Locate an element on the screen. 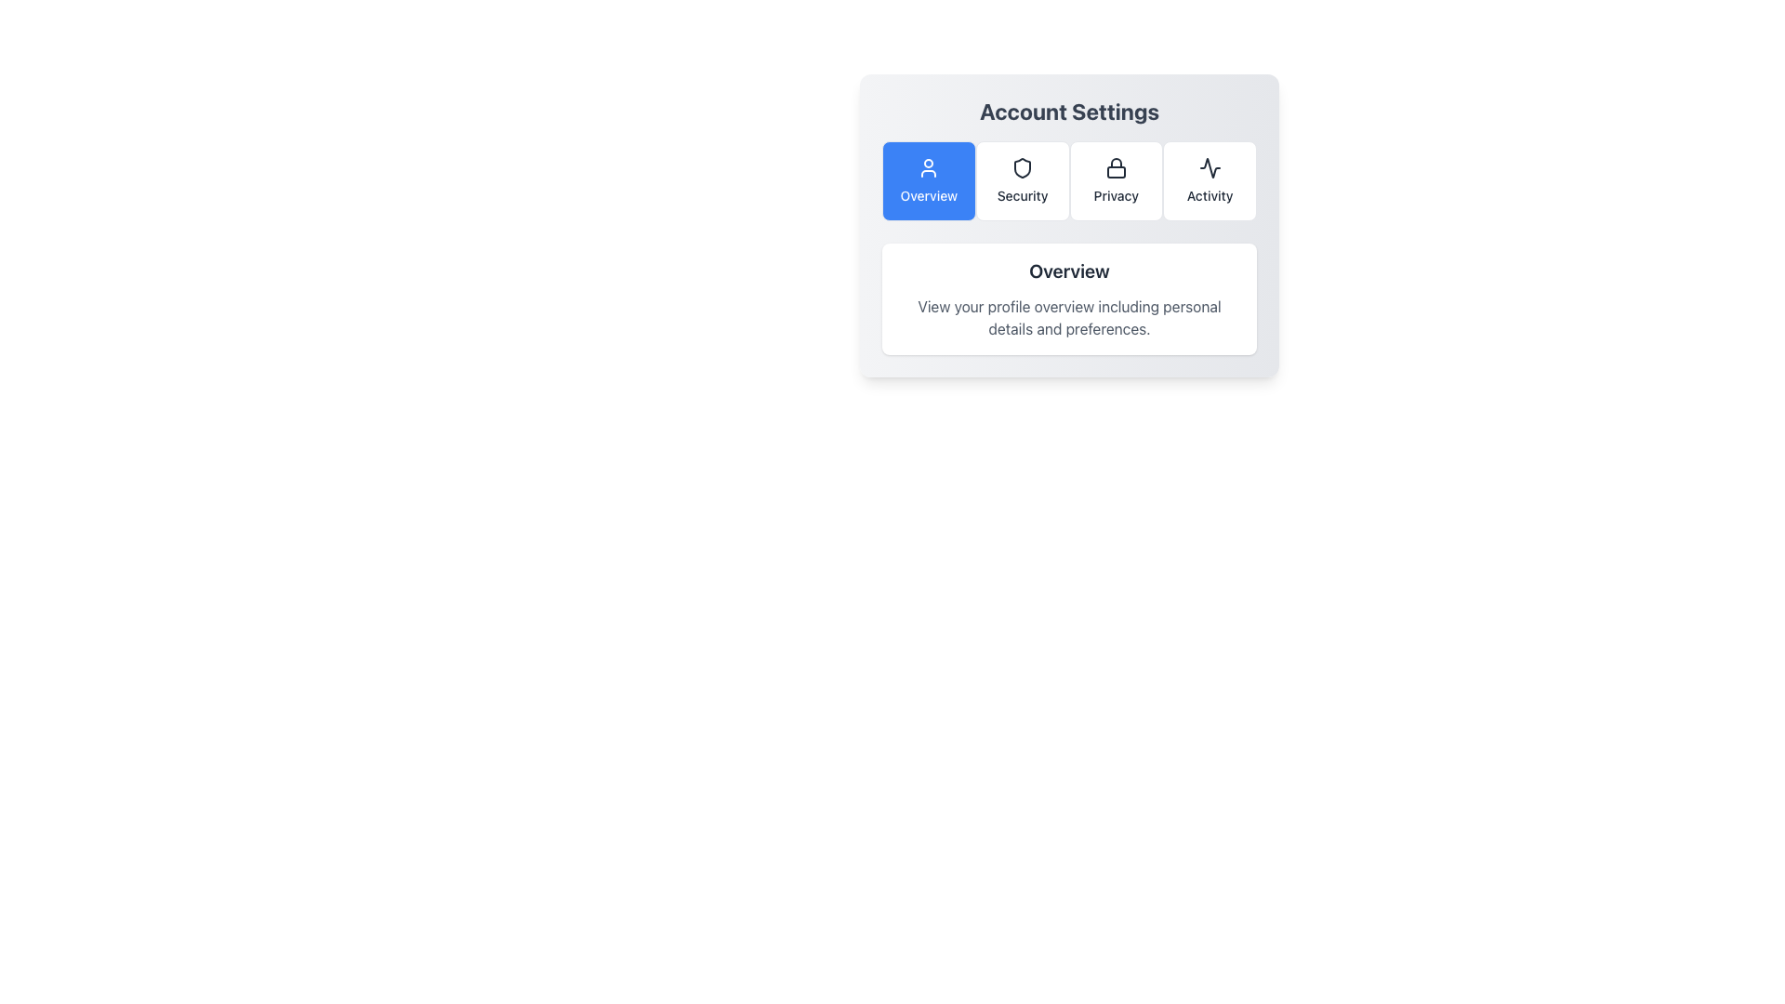 This screenshot has height=1004, width=1785. the 'Security' icon located beneath the 'Account Settings' title to trigger hover effects is located at coordinates (1022, 168).